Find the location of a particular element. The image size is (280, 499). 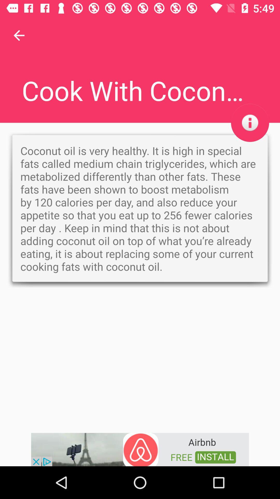

advertisement bar is located at coordinates (140, 449).